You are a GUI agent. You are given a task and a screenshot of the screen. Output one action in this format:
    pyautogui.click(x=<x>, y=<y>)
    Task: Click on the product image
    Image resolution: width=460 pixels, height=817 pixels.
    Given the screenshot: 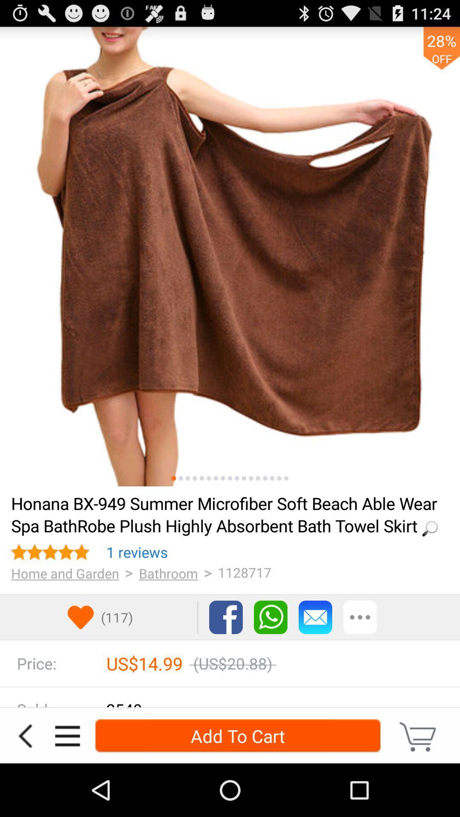 What is the action you would take?
    pyautogui.click(x=202, y=478)
    